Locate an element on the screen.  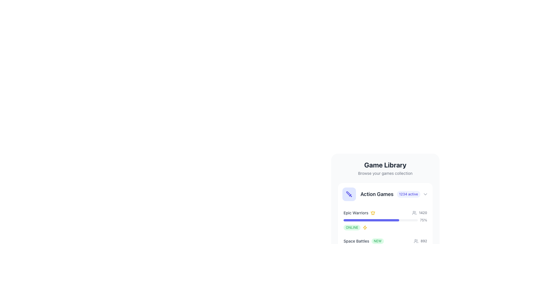
the static text display indicating the number of players or members associated with 'Epic Warriors', located to the right of the group icon is located at coordinates (419, 213).